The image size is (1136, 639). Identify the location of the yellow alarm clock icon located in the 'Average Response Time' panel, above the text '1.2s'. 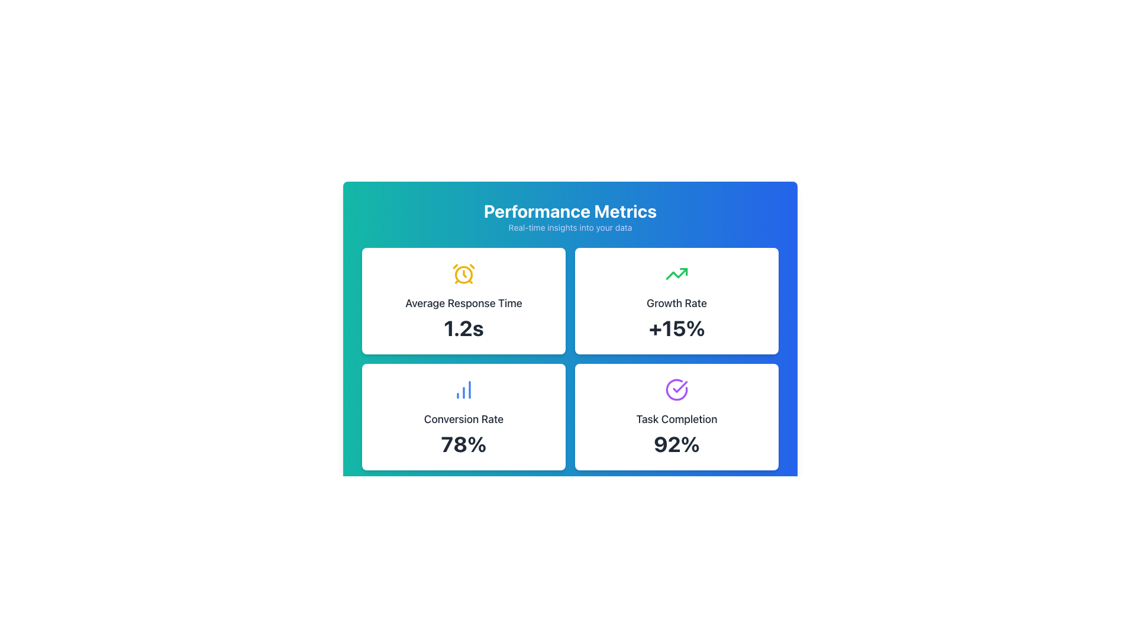
(463, 273).